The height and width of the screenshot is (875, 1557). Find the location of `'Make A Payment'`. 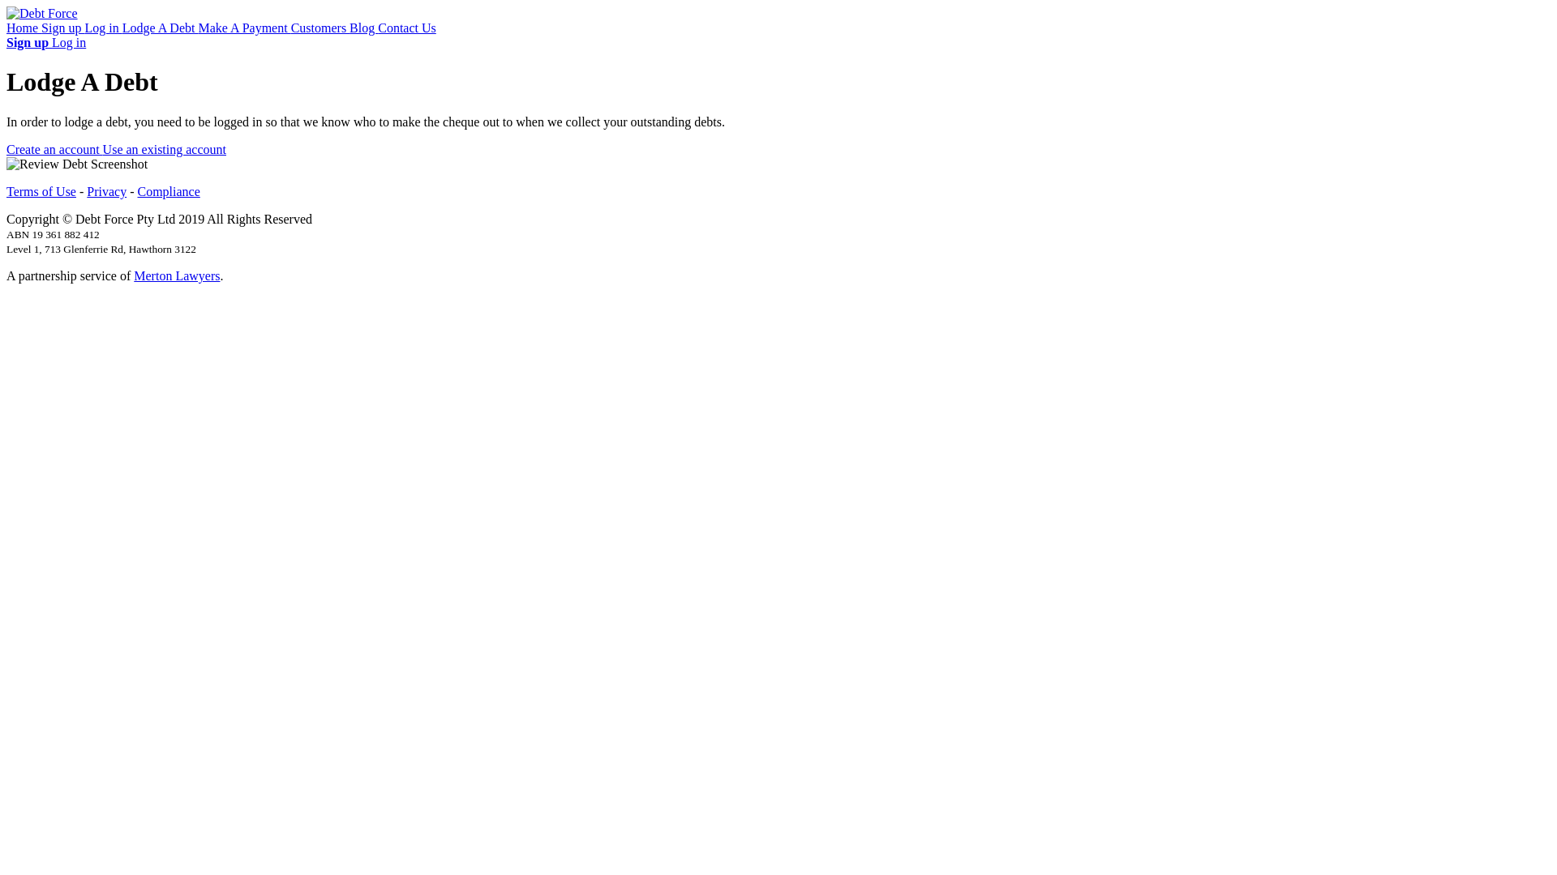

'Make A Payment' is located at coordinates (243, 28).